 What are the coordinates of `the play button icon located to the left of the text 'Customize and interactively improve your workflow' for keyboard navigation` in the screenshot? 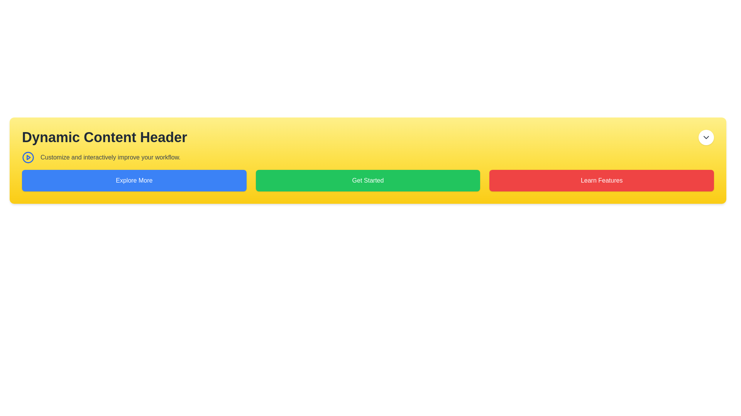 It's located at (28, 157).